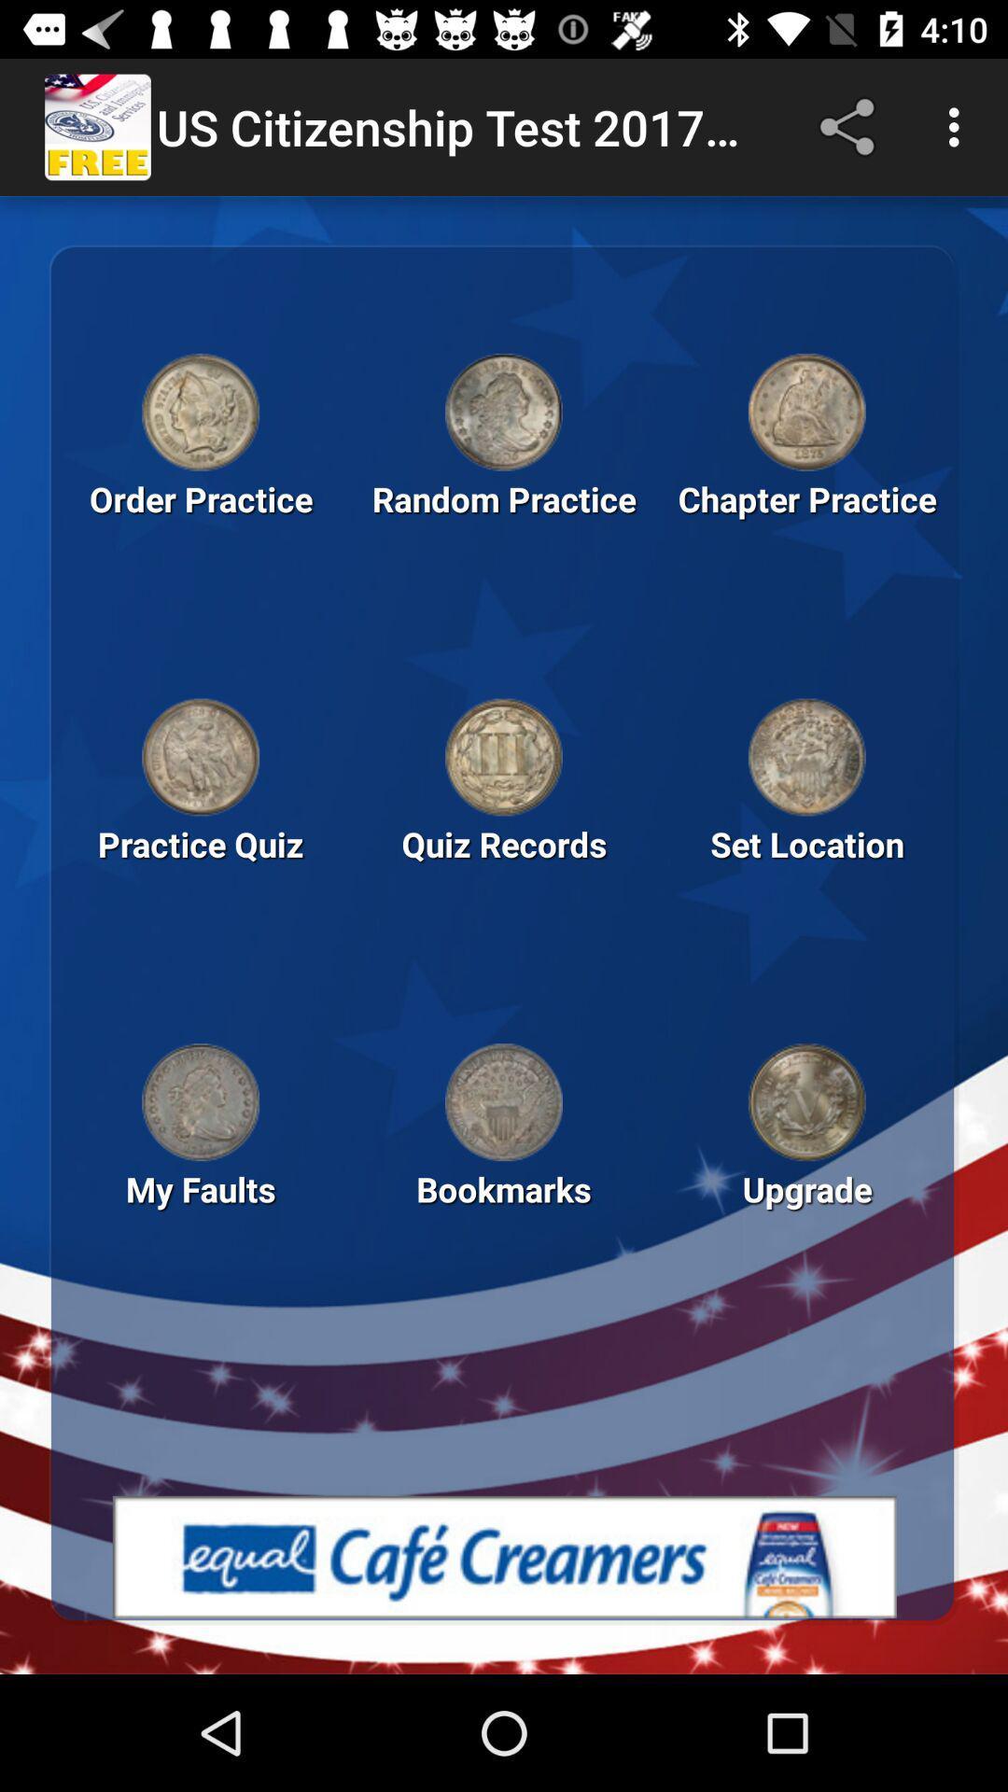 The width and height of the screenshot is (1008, 1792). Describe the element at coordinates (805, 757) in the screenshot. I see `everyone likes records` at that location.